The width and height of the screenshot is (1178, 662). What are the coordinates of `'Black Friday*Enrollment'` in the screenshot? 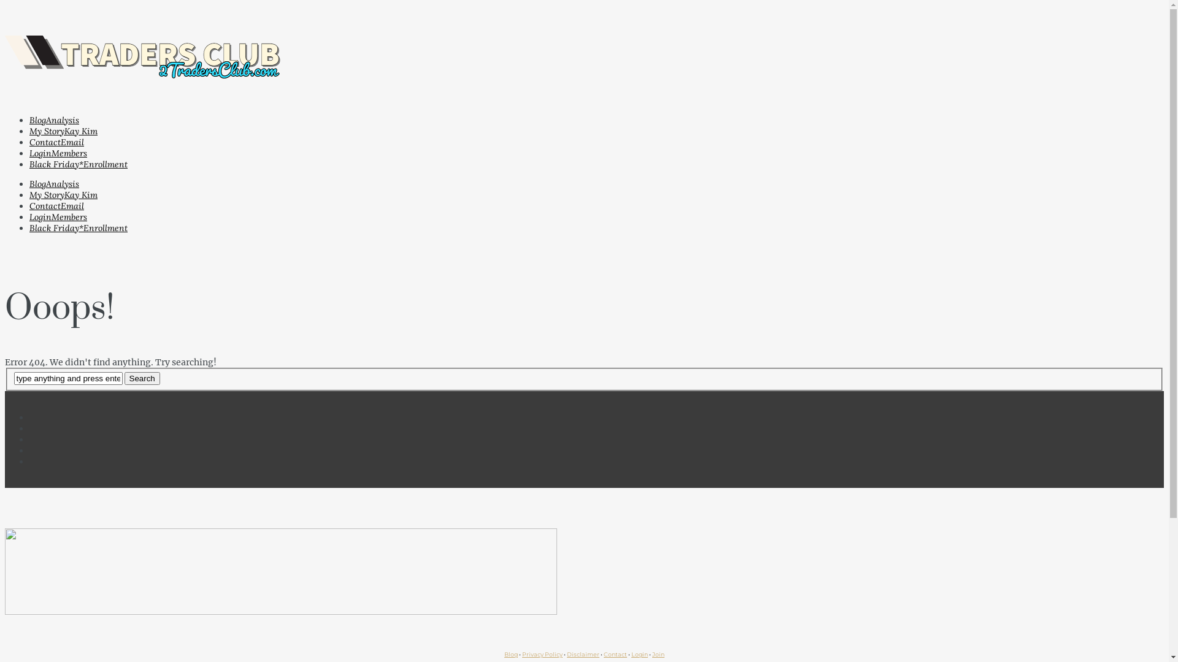 It's located at (78, 162).